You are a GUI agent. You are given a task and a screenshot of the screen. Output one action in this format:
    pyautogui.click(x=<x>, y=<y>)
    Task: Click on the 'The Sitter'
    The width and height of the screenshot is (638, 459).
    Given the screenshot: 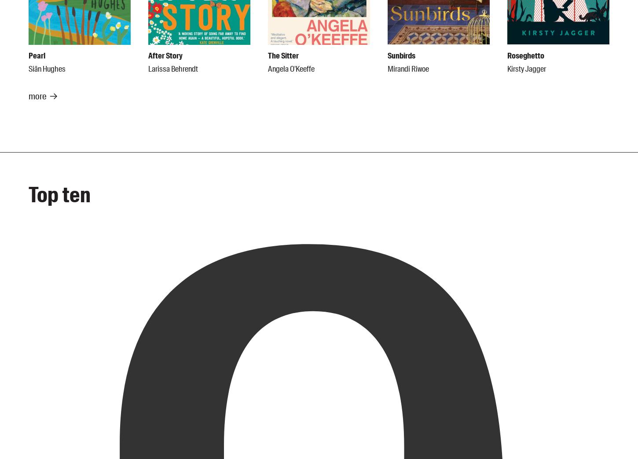 What is the action you would take?
    pyautogui.click(x=282, y=55)
    